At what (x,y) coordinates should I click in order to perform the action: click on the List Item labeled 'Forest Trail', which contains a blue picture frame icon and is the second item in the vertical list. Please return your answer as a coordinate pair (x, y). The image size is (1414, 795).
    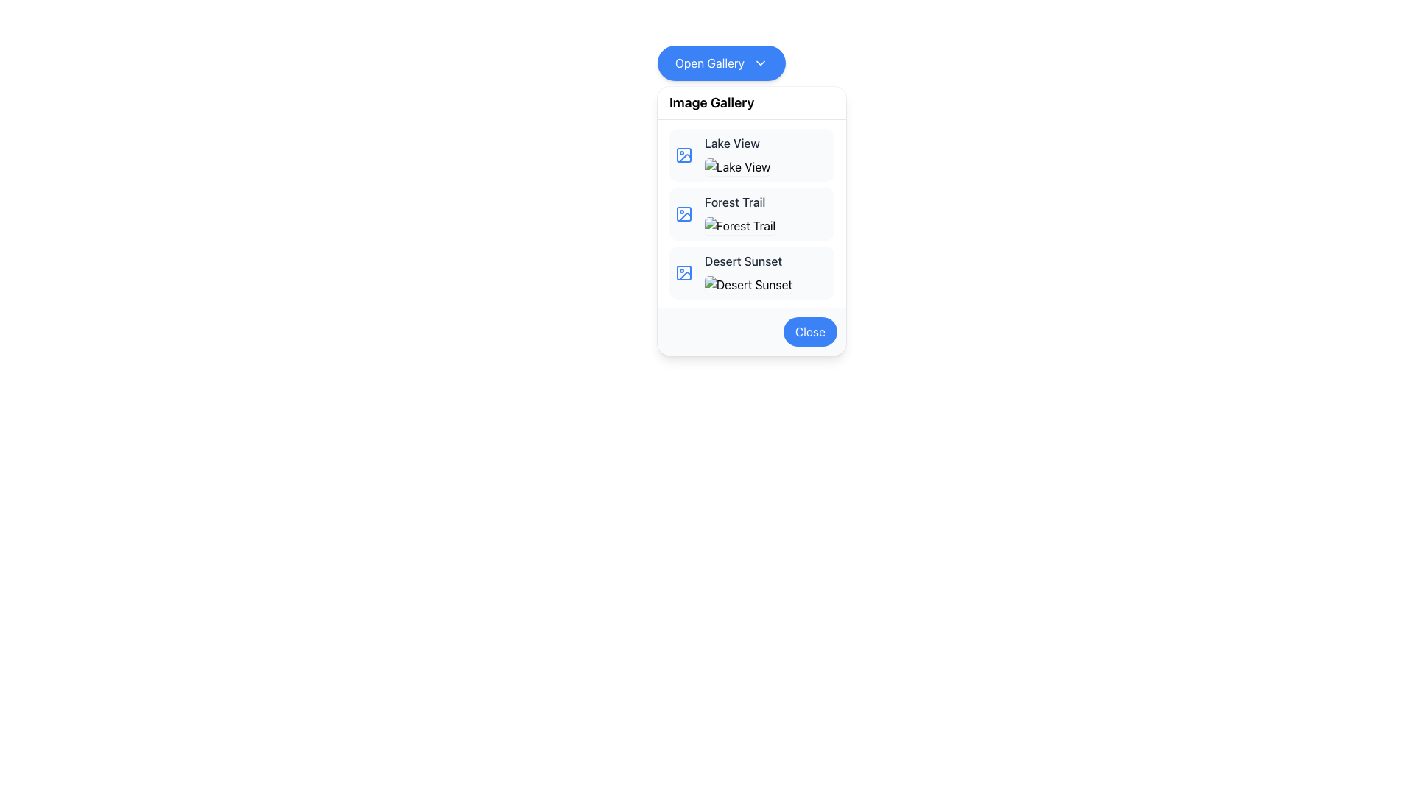
    Looking at the image, I should click on (751, 213).